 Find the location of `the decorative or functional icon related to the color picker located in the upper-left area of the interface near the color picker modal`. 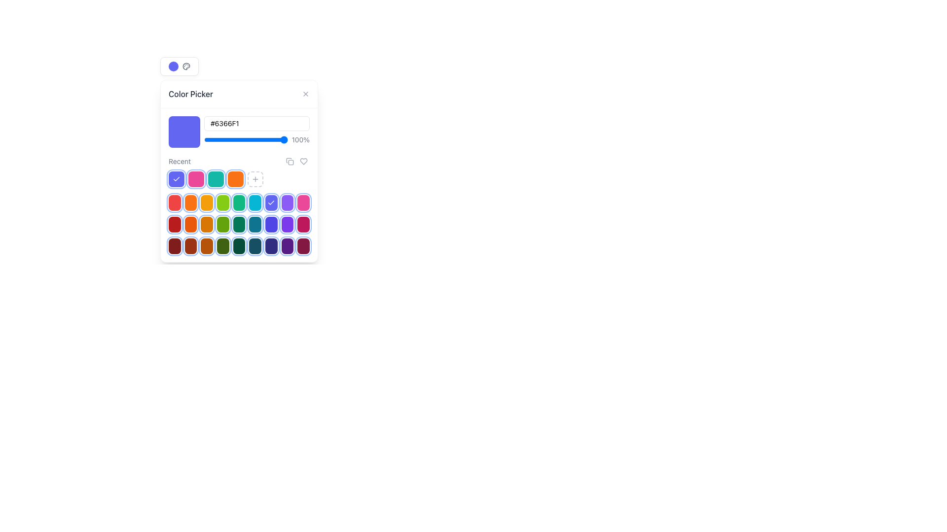

the decorative or functional icon related to the color picker located in the upper-left area of the interface near the color picker modal is located at coordinates (186, 66).